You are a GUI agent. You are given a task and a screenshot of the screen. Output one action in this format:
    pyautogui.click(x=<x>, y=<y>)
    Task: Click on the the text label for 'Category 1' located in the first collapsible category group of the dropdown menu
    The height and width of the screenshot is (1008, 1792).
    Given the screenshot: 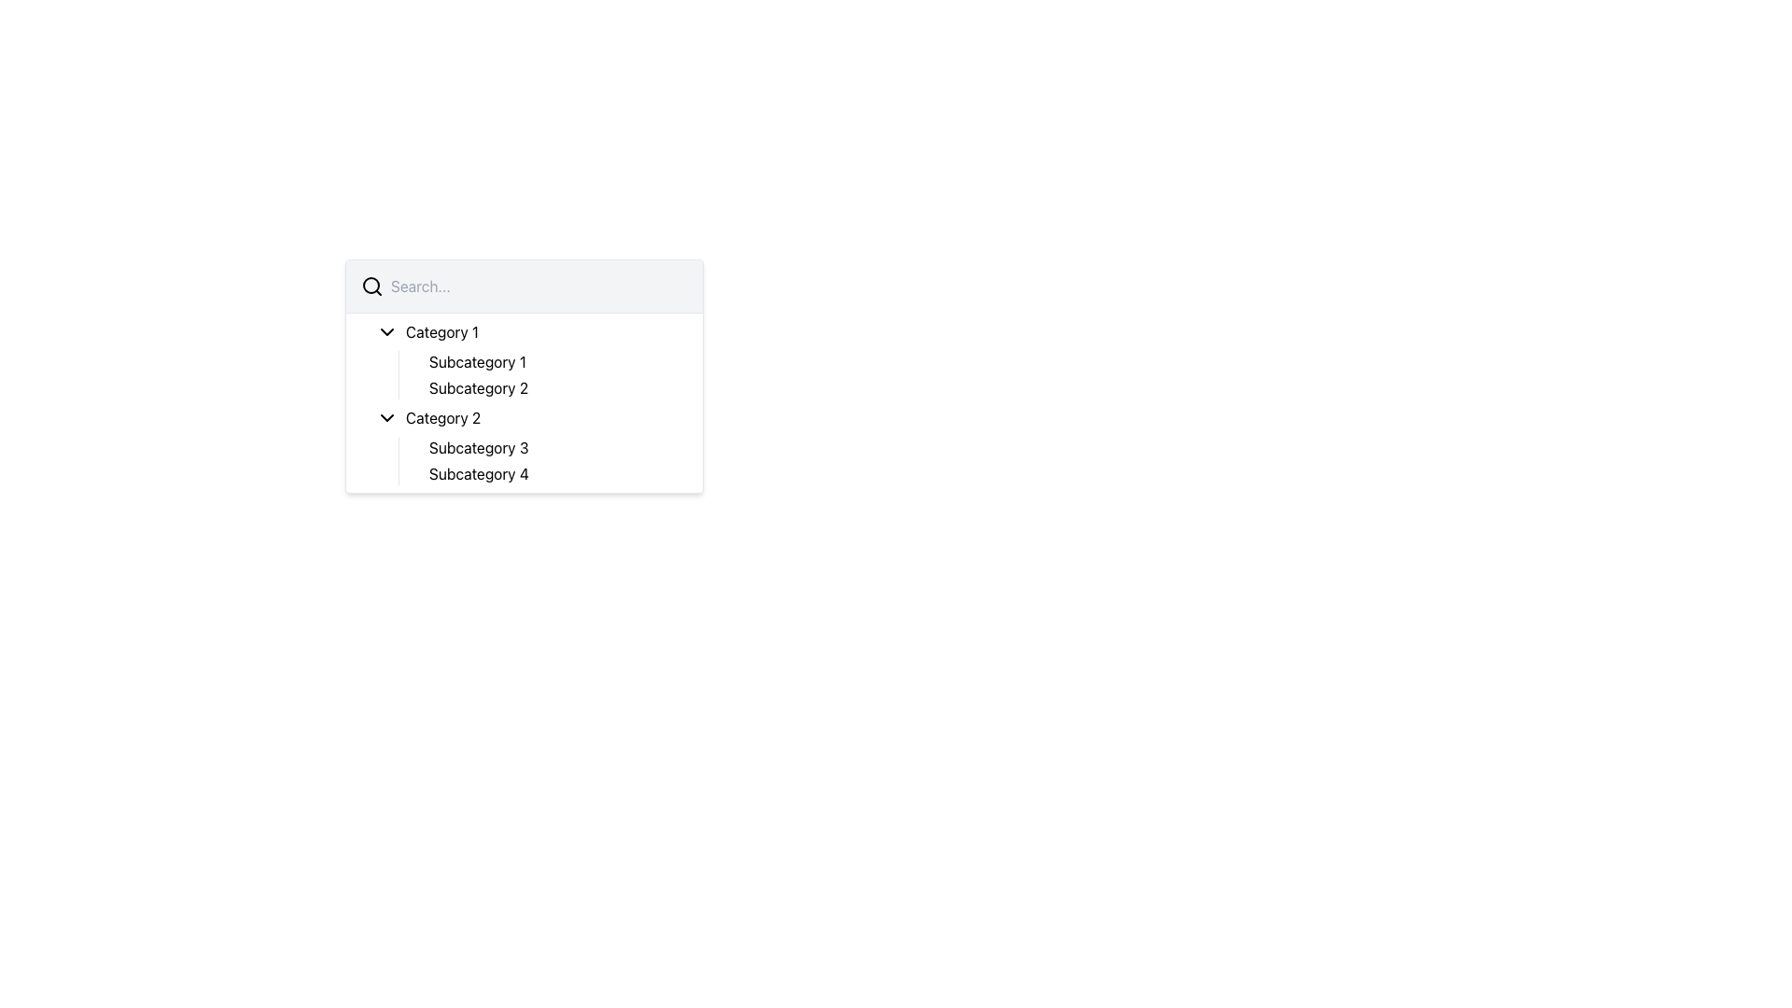 What is the action you would take?
    pyautogui.click(x=441, y=330)
    